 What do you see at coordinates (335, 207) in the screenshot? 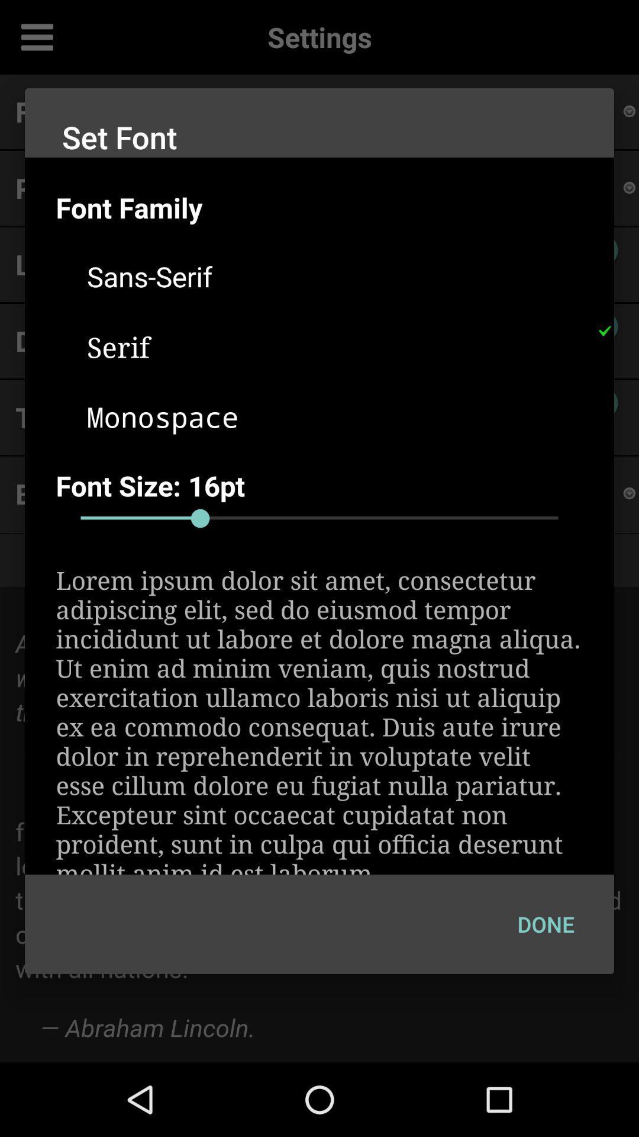
I see `item below the set font item` at bounding box center [335, 207].